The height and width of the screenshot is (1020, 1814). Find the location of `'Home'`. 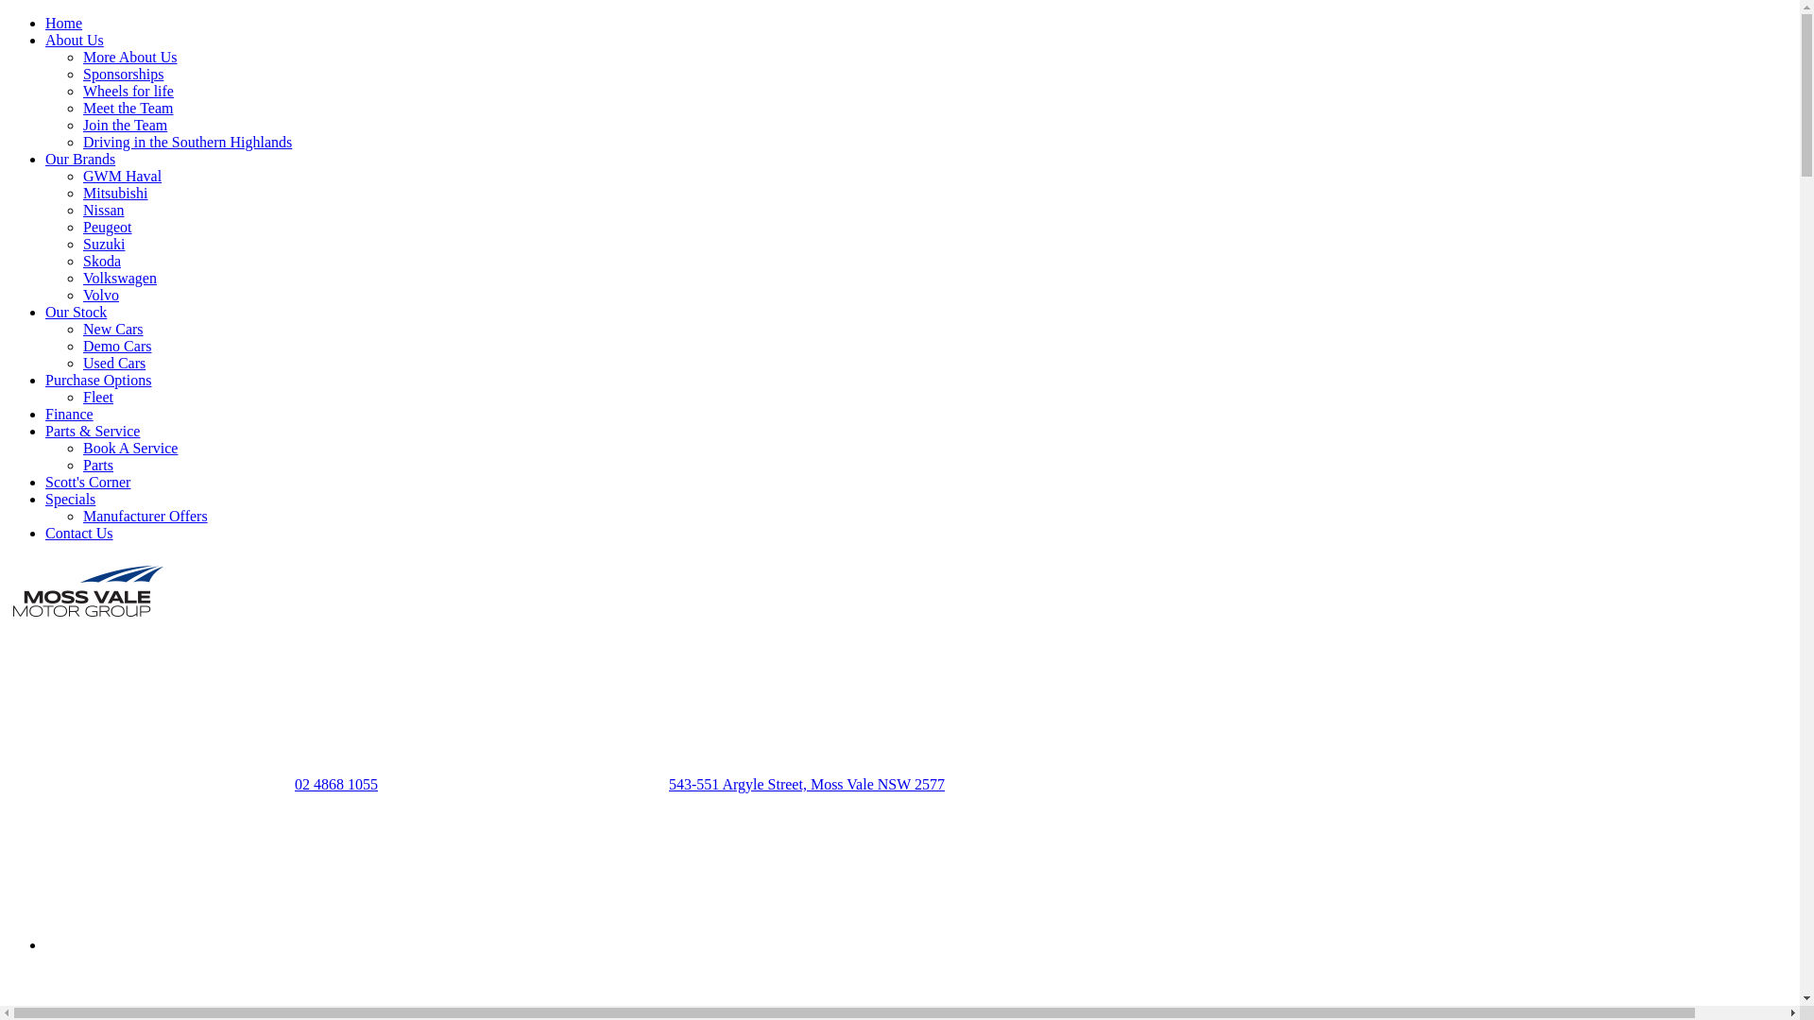

'Home' is located at coordinates (45, 23).